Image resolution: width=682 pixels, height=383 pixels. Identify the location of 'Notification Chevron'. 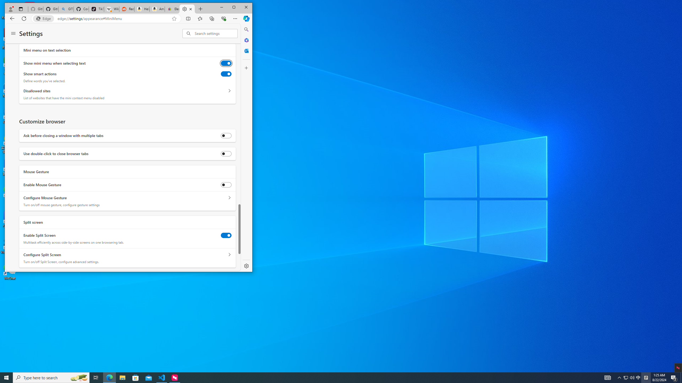
(619, 377).